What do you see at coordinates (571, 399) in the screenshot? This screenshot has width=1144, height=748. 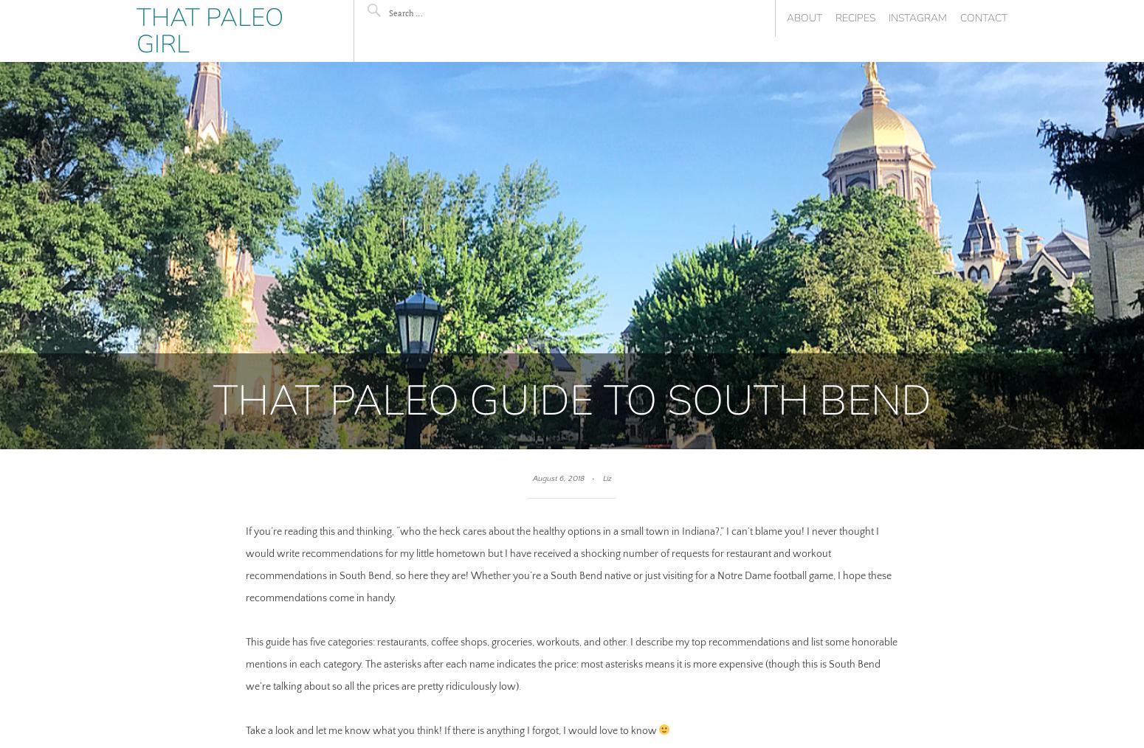 I see `'That Paleo Guide to South Bend'` at bounding box center [571, 399].